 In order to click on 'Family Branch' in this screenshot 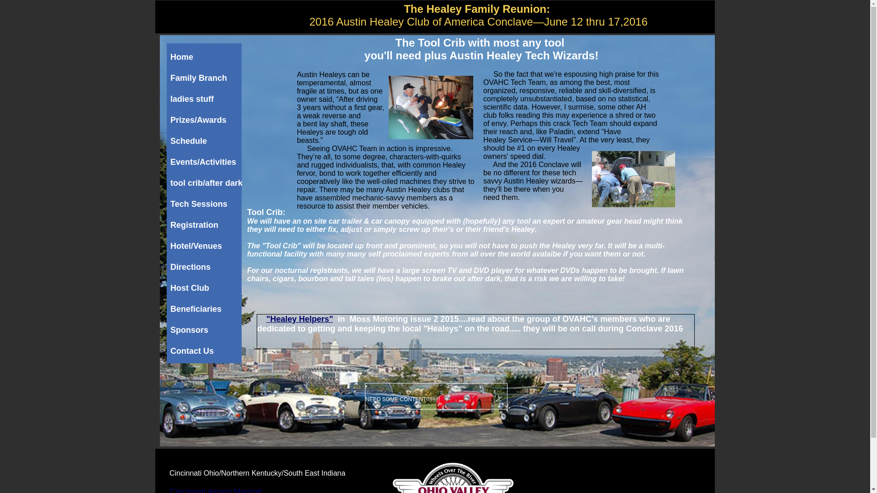, I will do `click(170, 78)`.